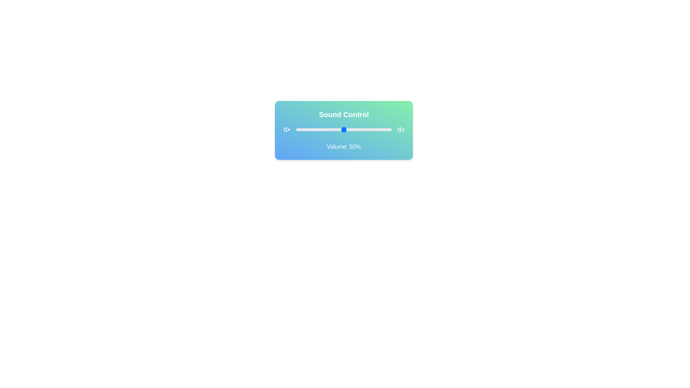 The image size is (690, 388). I want to click on the mute toggle icon button located at the far-left side of the sound control interface, so click(286, 130).